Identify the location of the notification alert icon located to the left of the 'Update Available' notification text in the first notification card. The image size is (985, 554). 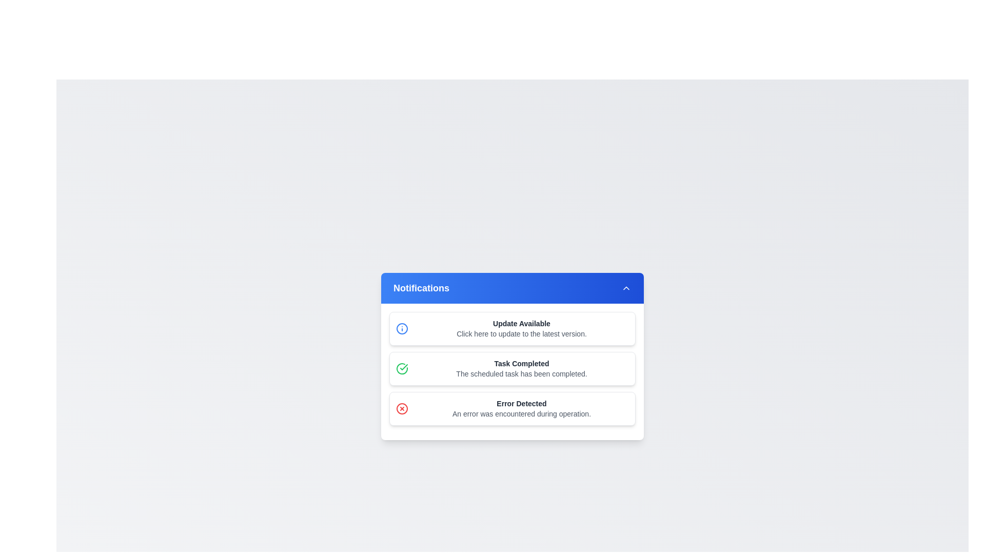
(401, 328).